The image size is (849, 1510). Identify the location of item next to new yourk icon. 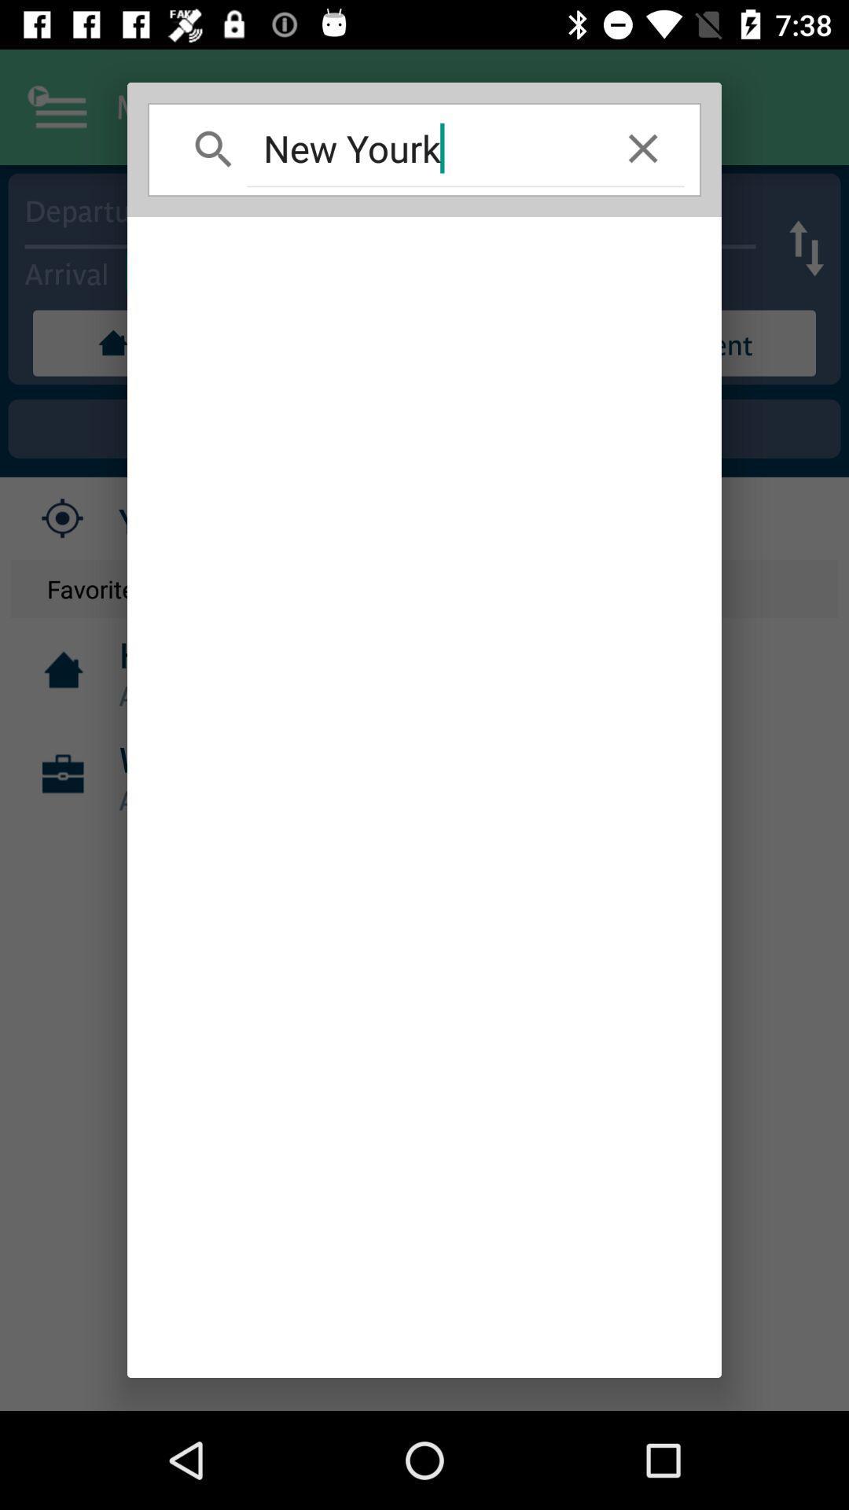
(643, 148).